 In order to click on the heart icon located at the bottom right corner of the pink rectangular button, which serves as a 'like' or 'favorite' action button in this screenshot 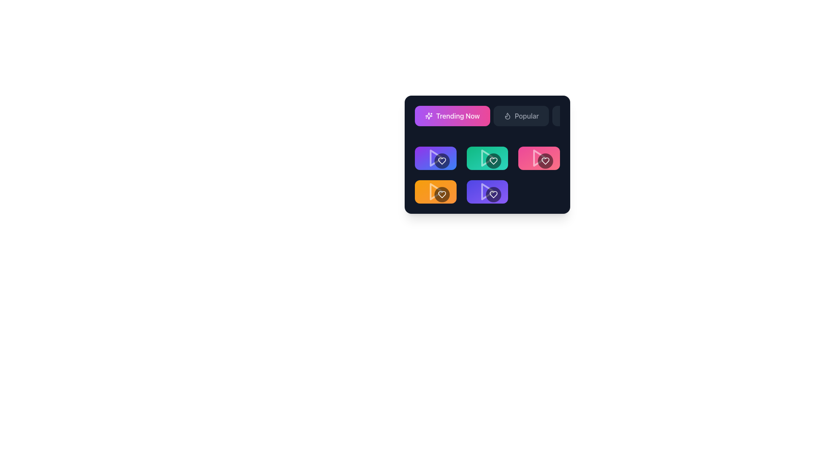, I will do `click(545, 161)`.